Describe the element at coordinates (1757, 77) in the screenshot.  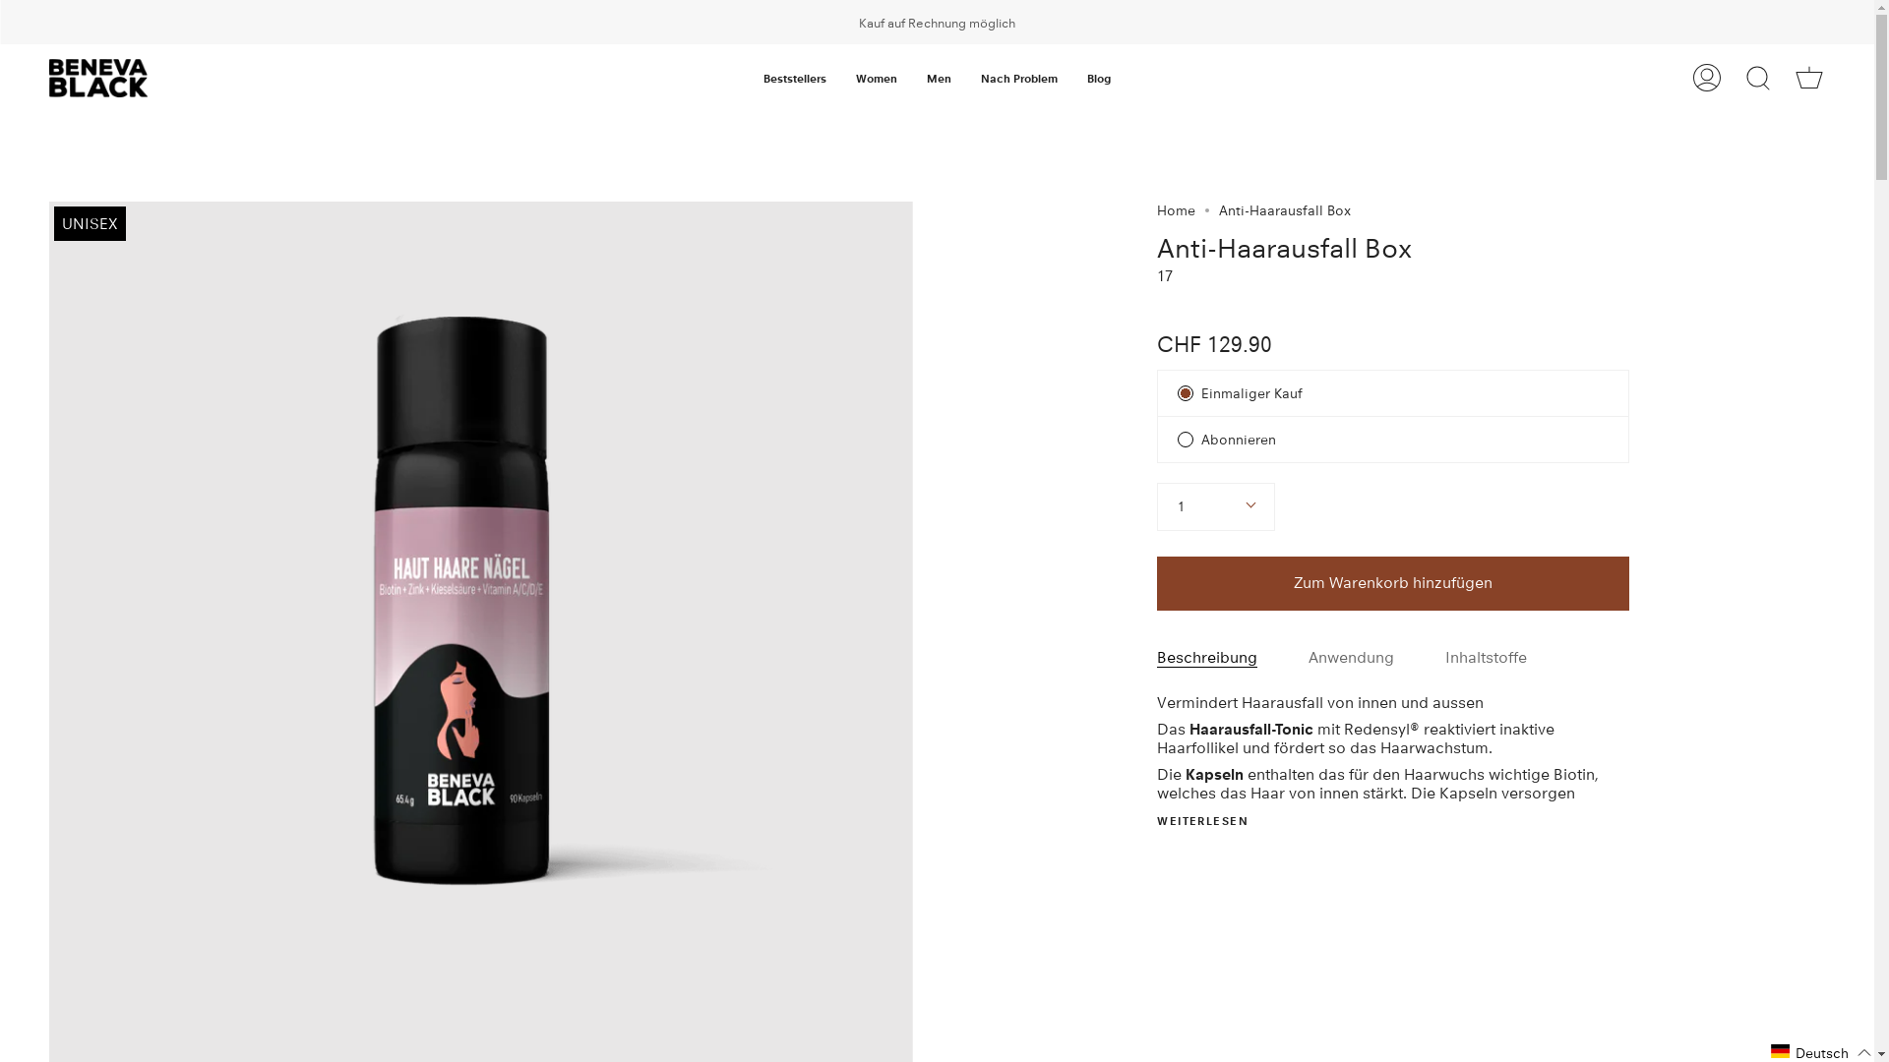
I see `'Suchen'` at that location.